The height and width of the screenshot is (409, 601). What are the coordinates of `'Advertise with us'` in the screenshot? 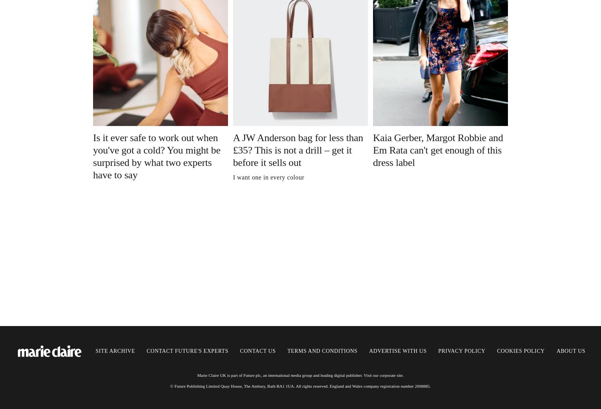 It's located at (397, 350).